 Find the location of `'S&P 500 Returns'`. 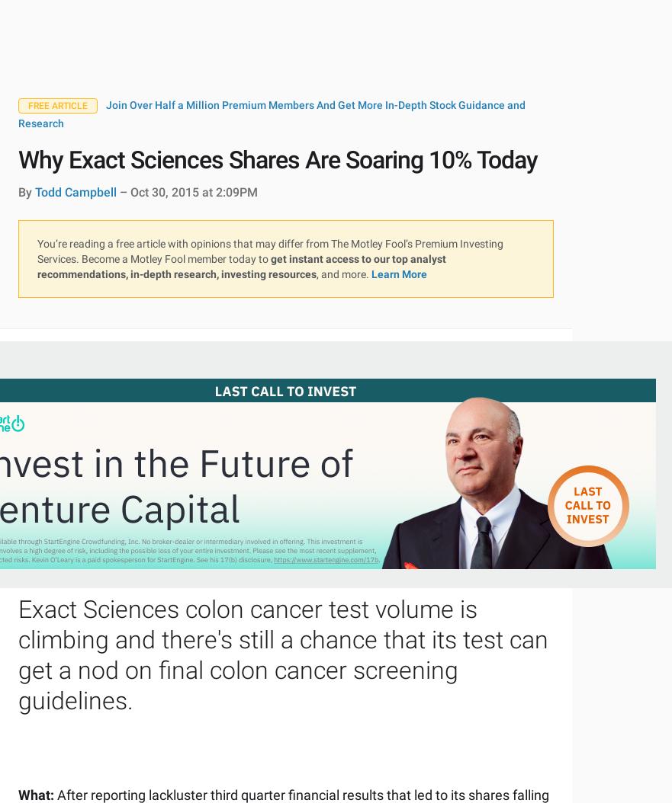

'S&P 500 Returns' is located at coordinates (422, 499).